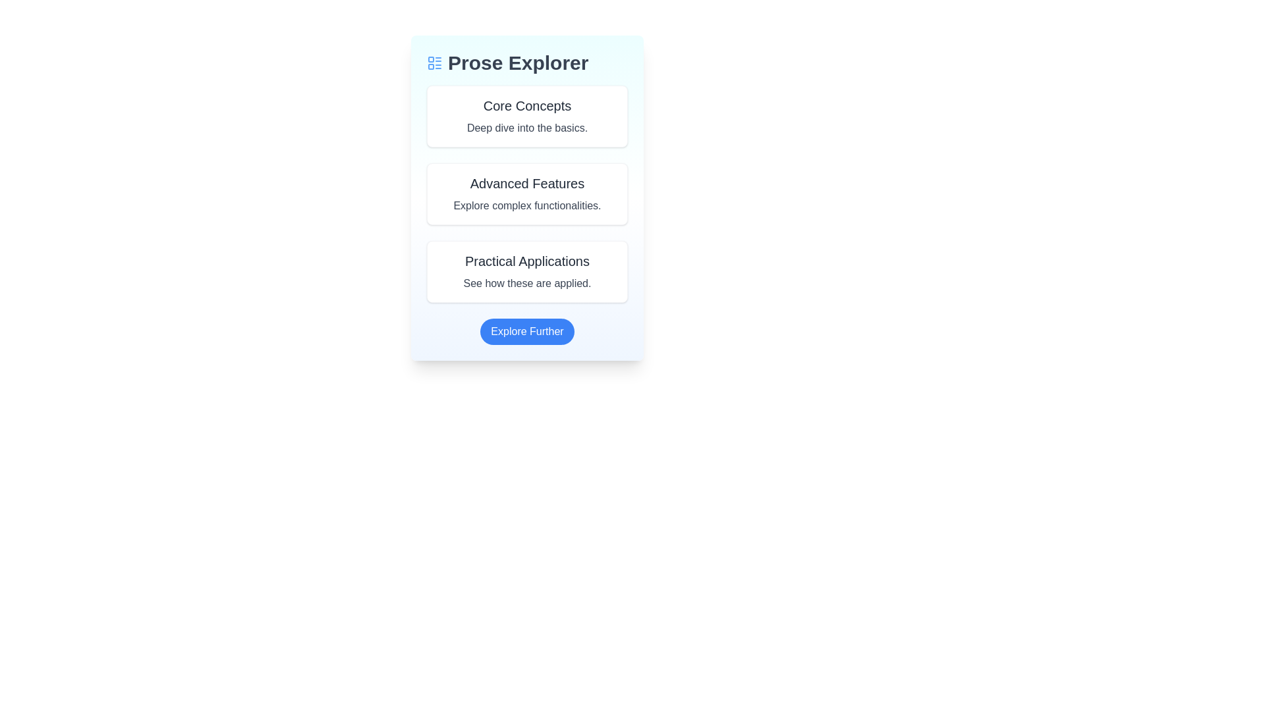  What do you see at coordinates (517, 63) in the screenshot?
I see `the 'Prose Explorer' text label` at bounding box center [517, 63].